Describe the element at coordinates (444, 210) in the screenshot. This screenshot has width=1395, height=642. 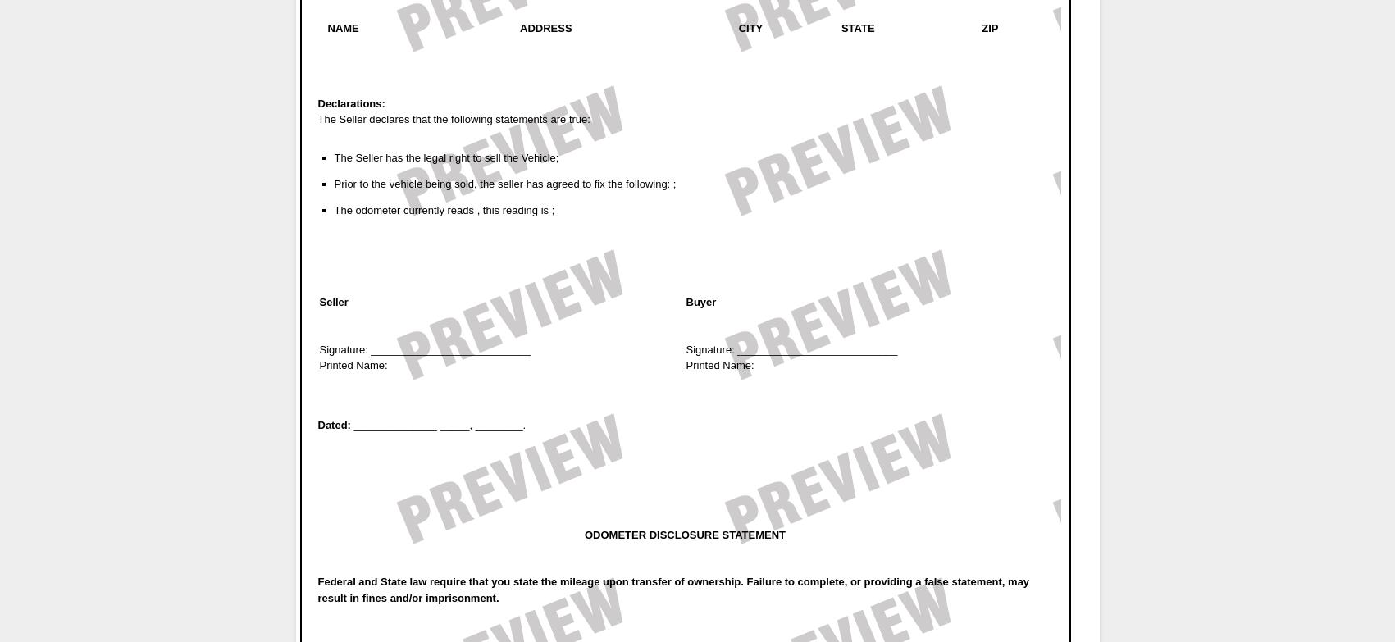
I see `'The odometer currently reads  , this reading is ;'` at that location.